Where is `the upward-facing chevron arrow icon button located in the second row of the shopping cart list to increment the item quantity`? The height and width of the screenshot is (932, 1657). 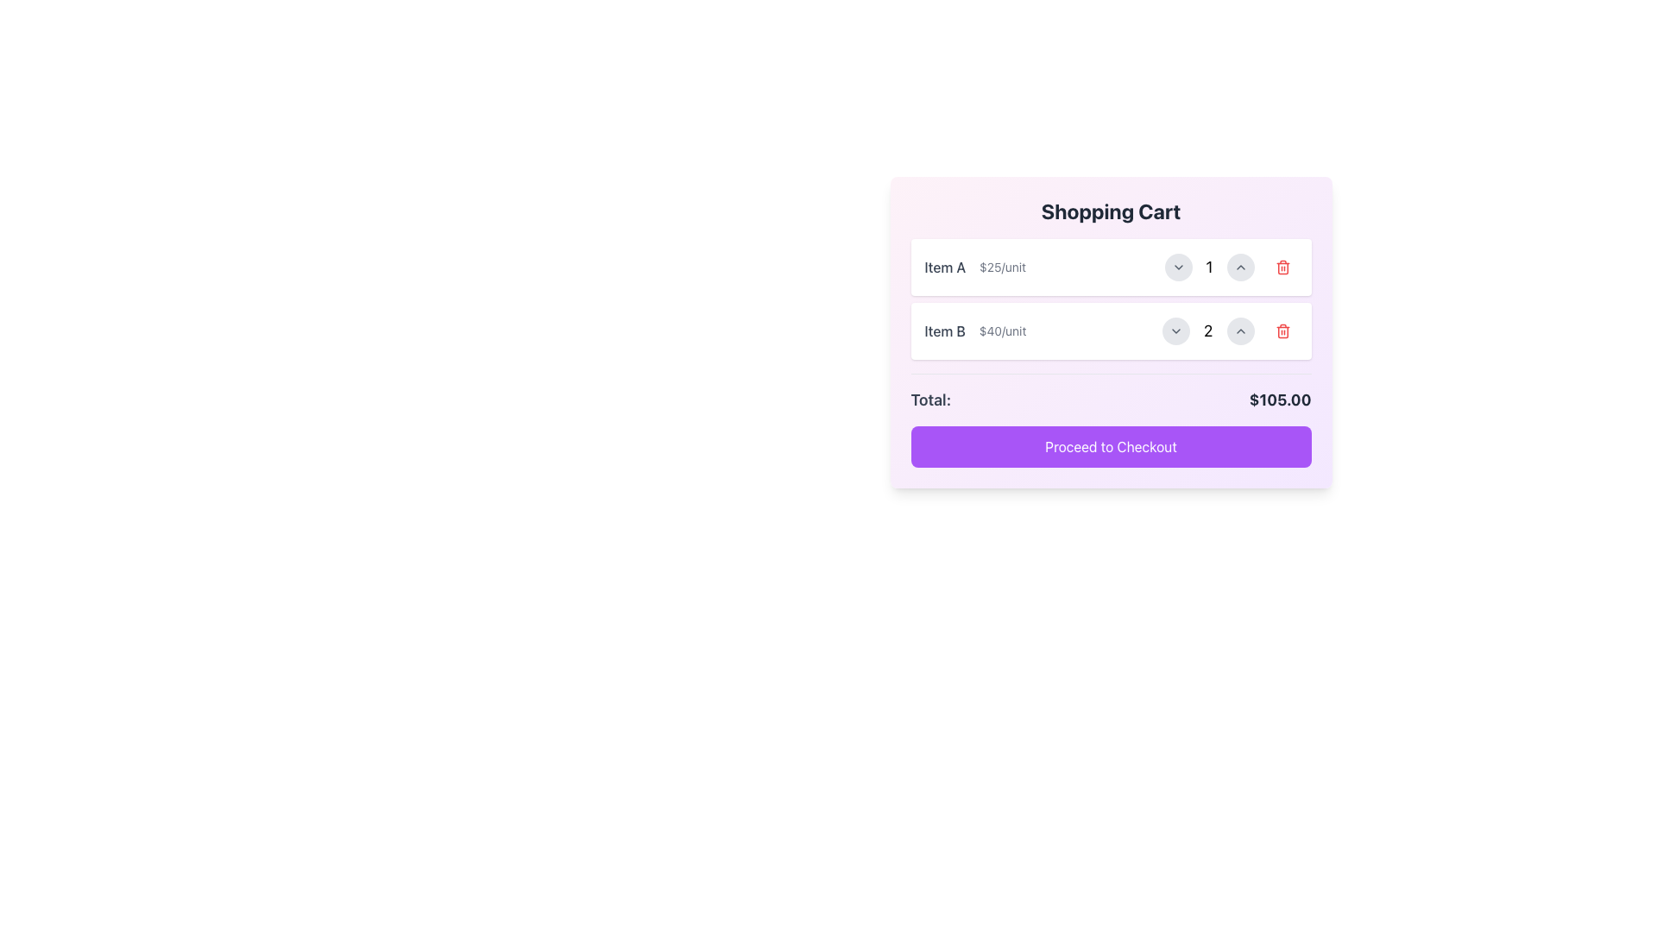 the upward-facing chevron arrow icon button located in the second row of the shopping cart list to increment the item quantity is located at coordinates (1239, 267).